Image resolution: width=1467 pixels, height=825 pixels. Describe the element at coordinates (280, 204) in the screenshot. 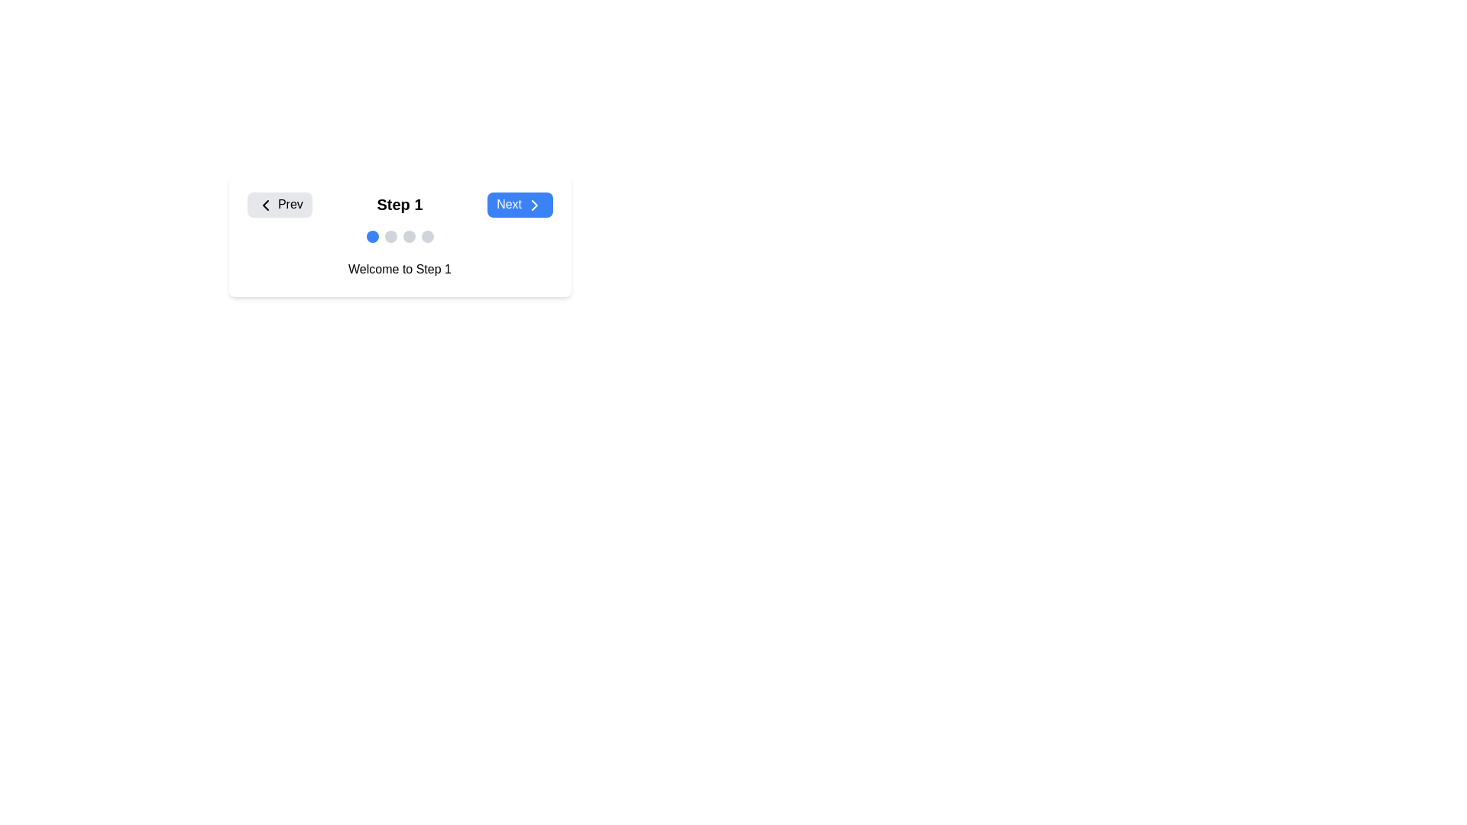

I see `the navigational button that moves to the previous step in the multi-step interface` at that location.